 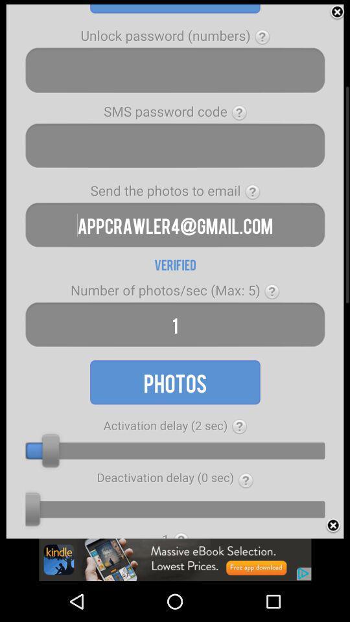 What do you see at coordinates (246, 514) in the screenshot?
I see `the help icon` at bounding box center [246, 514].